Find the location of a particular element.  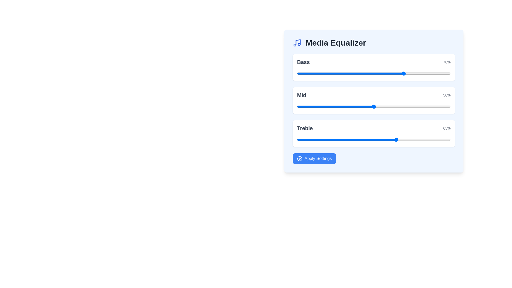

the bass level is located at coordinates (321, 74).